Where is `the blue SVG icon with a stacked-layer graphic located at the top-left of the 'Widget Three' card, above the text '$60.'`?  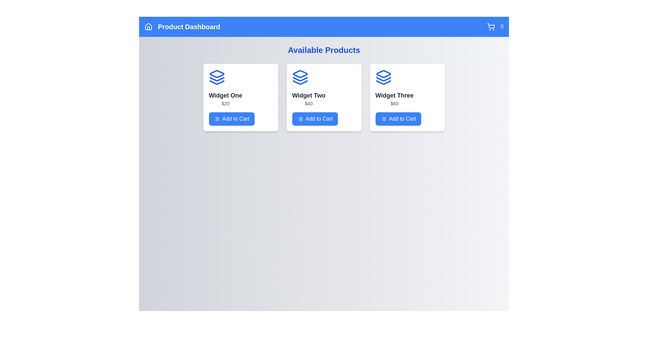
the blue SVG icon with a stacked-layer graphic located at the top-left of the 'Widget Three' card, above the text '$60.' is located at coordinates (383, 77).